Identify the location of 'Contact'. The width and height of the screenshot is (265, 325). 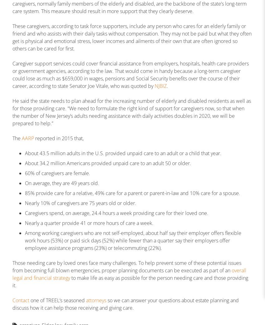
(21, 300).